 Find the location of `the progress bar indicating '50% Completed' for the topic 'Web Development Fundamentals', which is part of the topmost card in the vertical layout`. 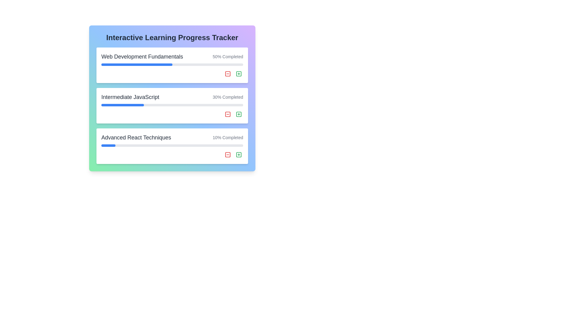

the progress bar indicating '50% Completed' for the topic 'Web Development Fundamentals', which is part of the topmost card in the vertical layout is located at coordinates (172, 65).